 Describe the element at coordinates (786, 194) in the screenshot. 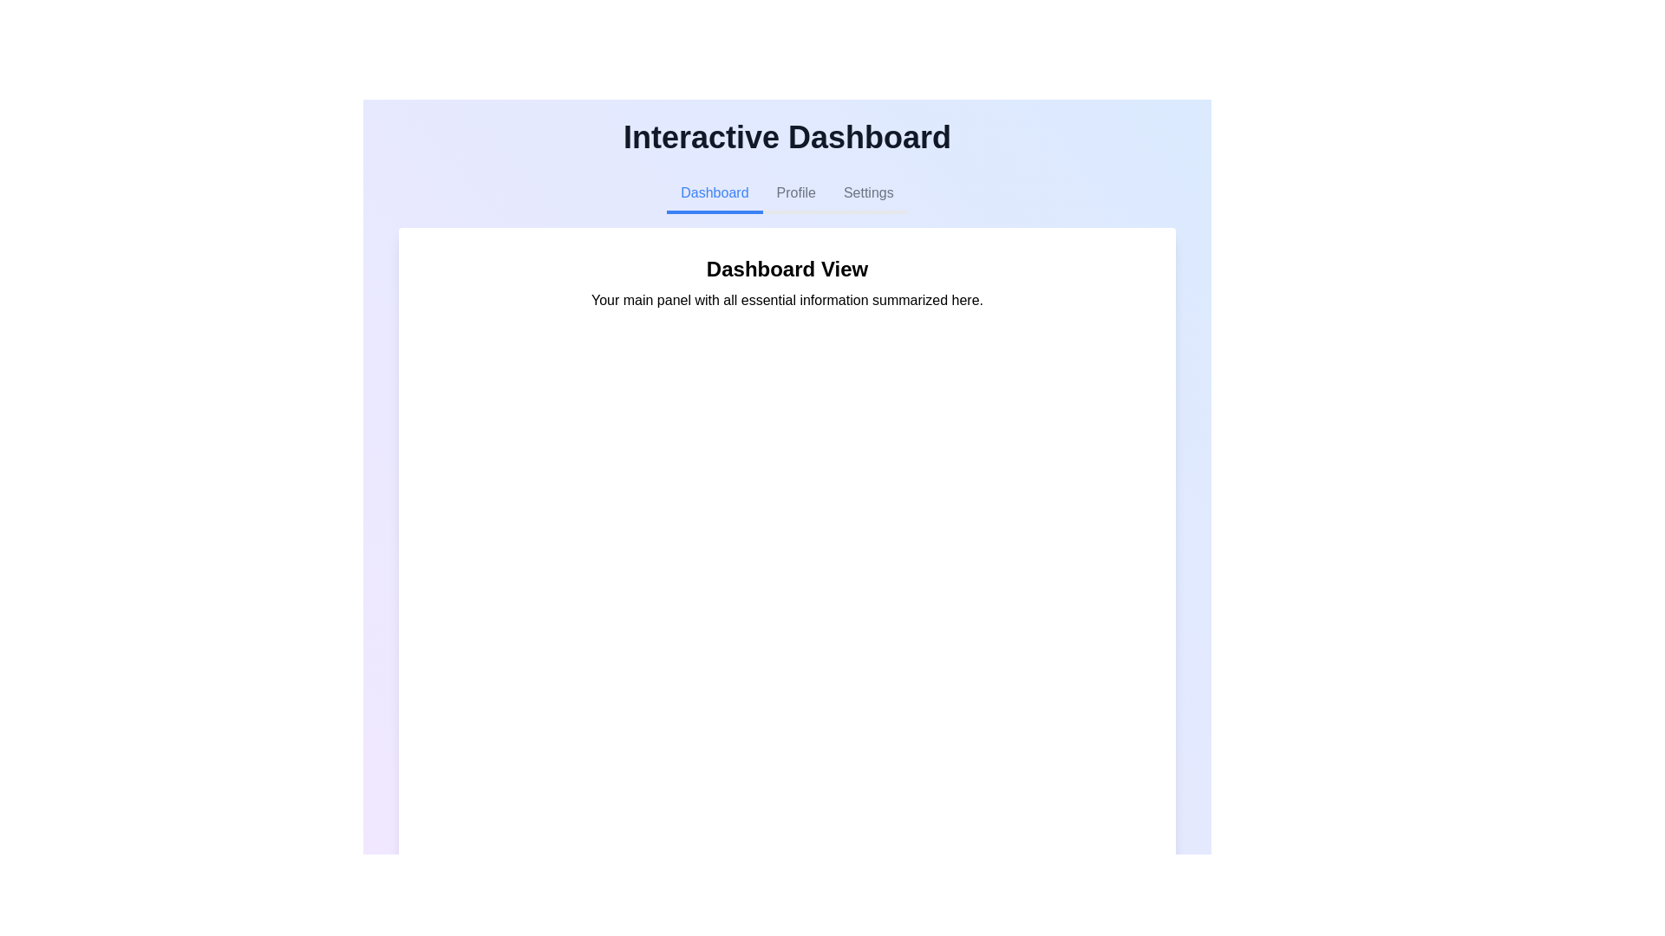

I see `the Profile tab in the navigation control located below the title 'Interactive Dashboard', which is the second tab to the right of 'Dashboard' and to the left of 'Settings'` at that location.